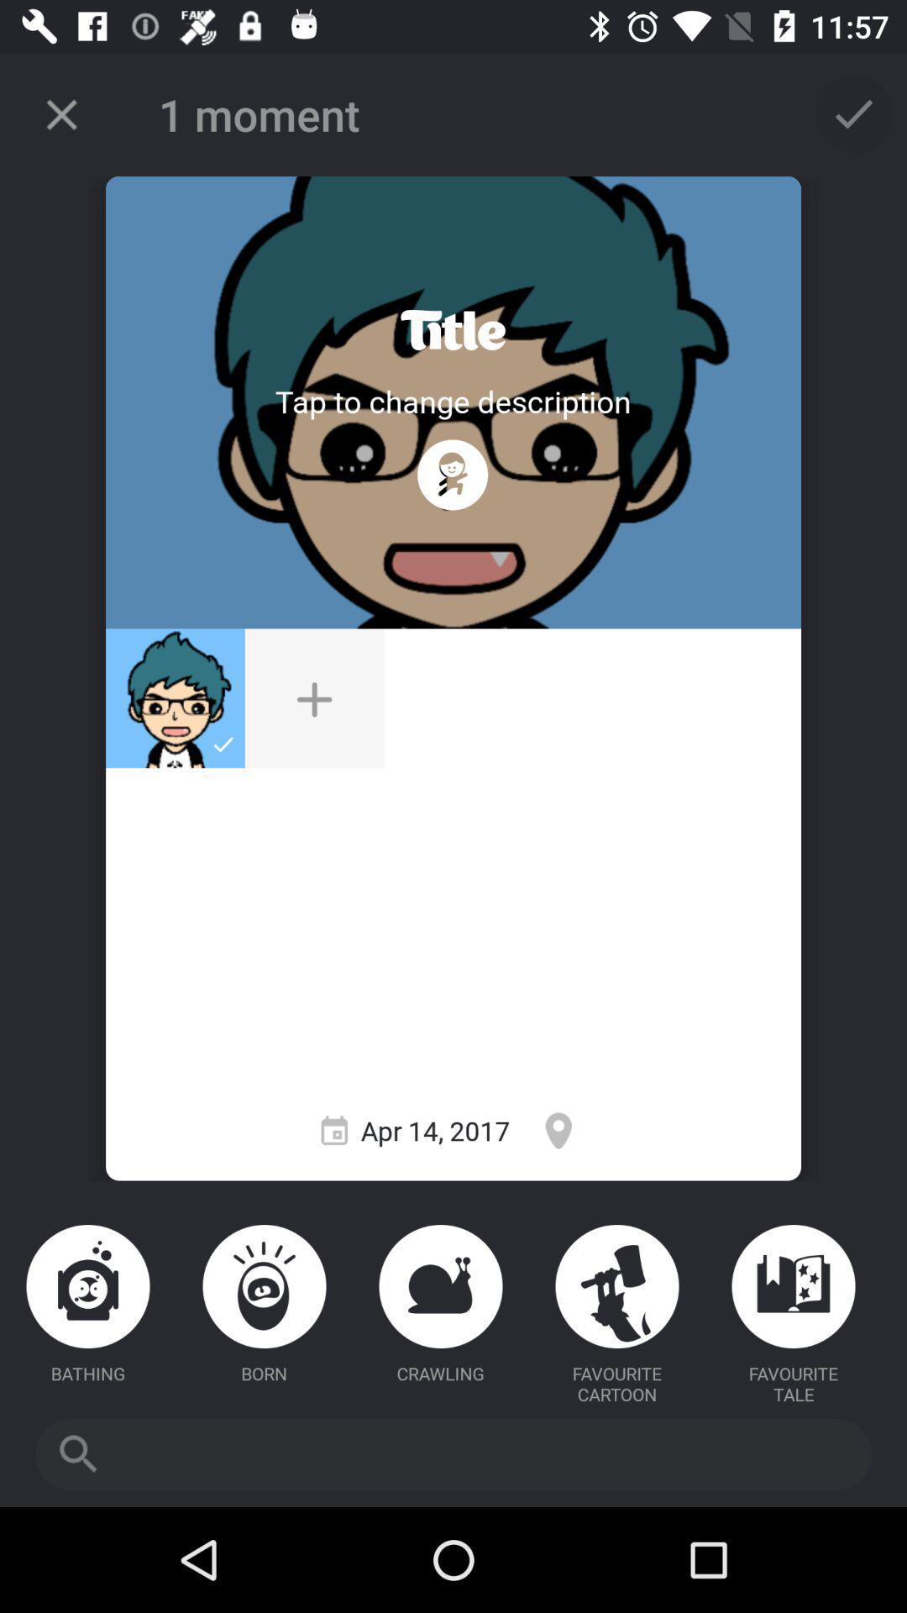 The image size is (907, 1613). Describe the element at coordinates (60, 113) in the screenshot. I see `cancel current action` at that location.